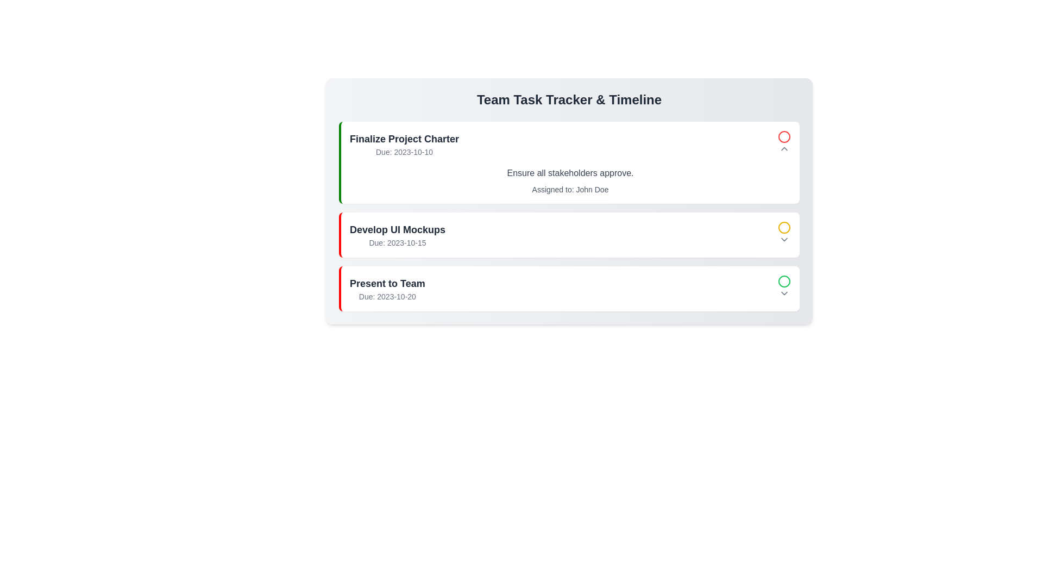  Describe the element at coordinates (404, 138) in the screenshot. I see `text label displaying 'Finalize Project Charter.' This prominent text is styled with a larger font size and bold weight, located in the top-left corner of a green-bordered task card` at that location.